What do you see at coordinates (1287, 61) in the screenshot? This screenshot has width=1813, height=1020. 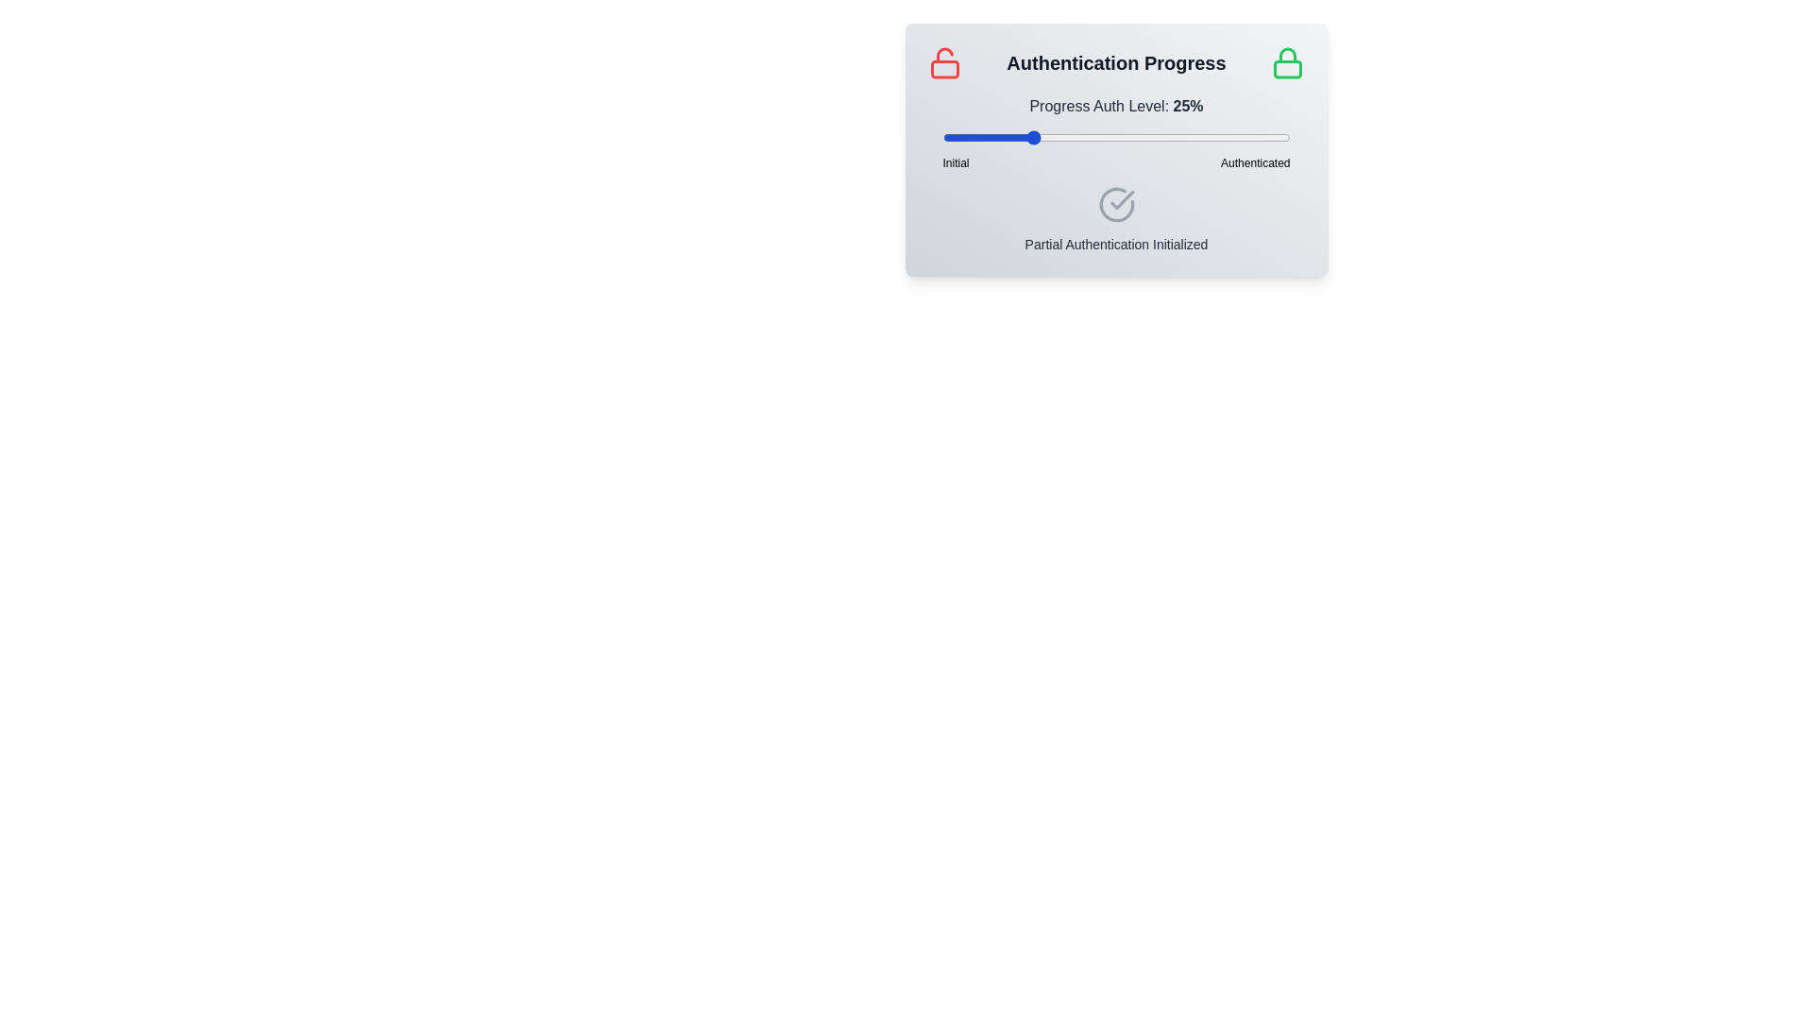 I see `the lock icon in the header of the component` at bounding box center [1287, 61].